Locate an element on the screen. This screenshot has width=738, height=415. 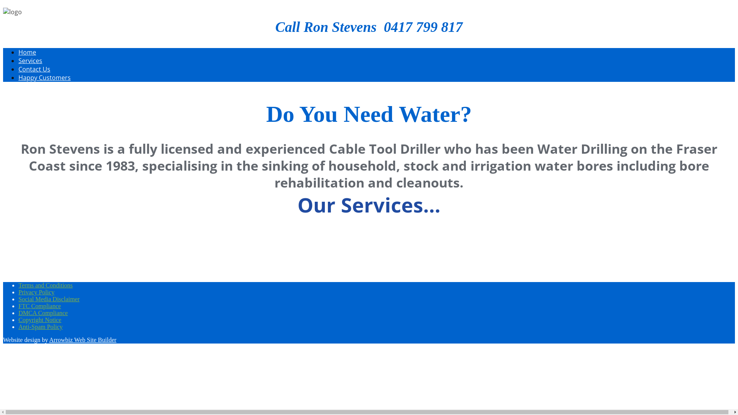
'DMCA Compliance' is located at coordinates (42, 313).